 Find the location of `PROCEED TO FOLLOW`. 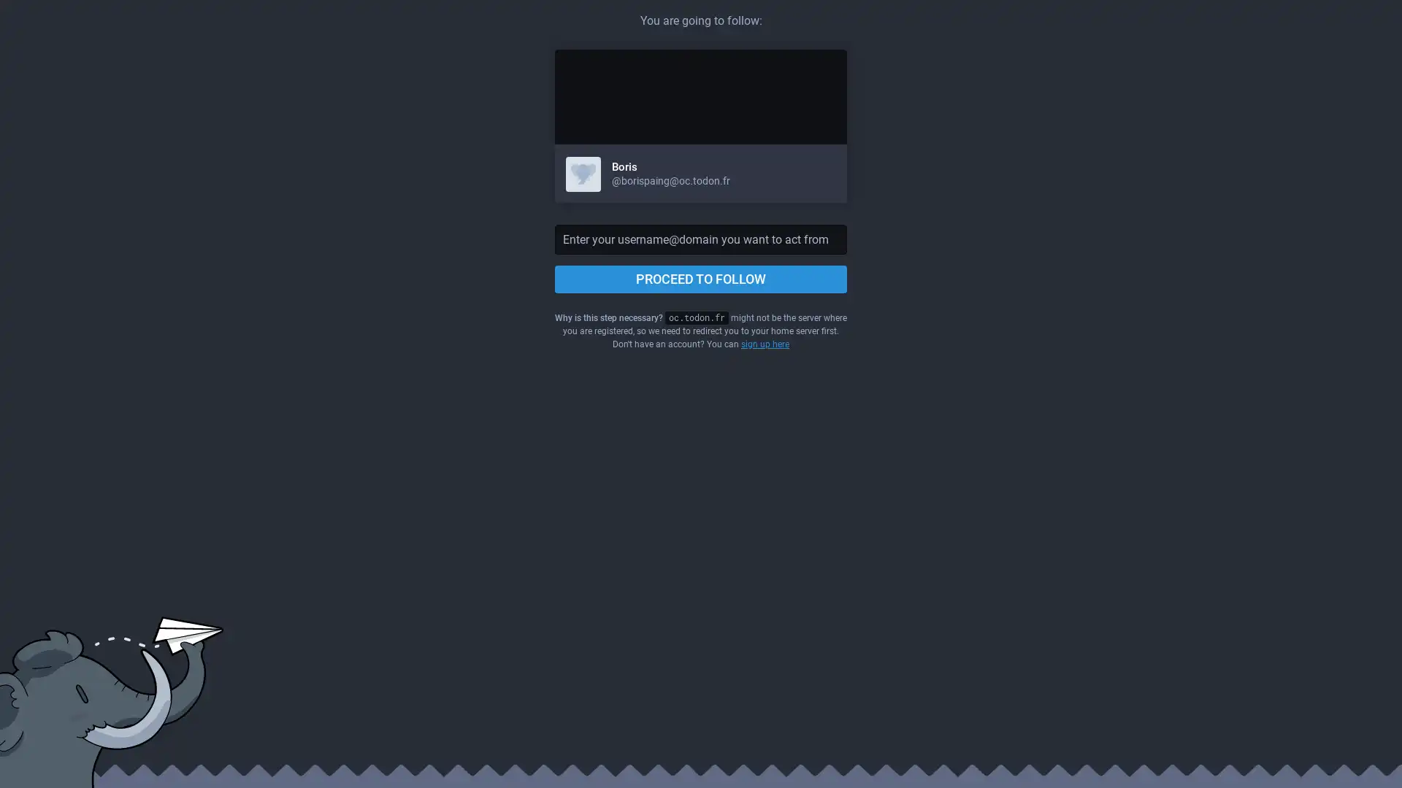

PROCEED TO FOLLOW is located at coordinates (701, 279).